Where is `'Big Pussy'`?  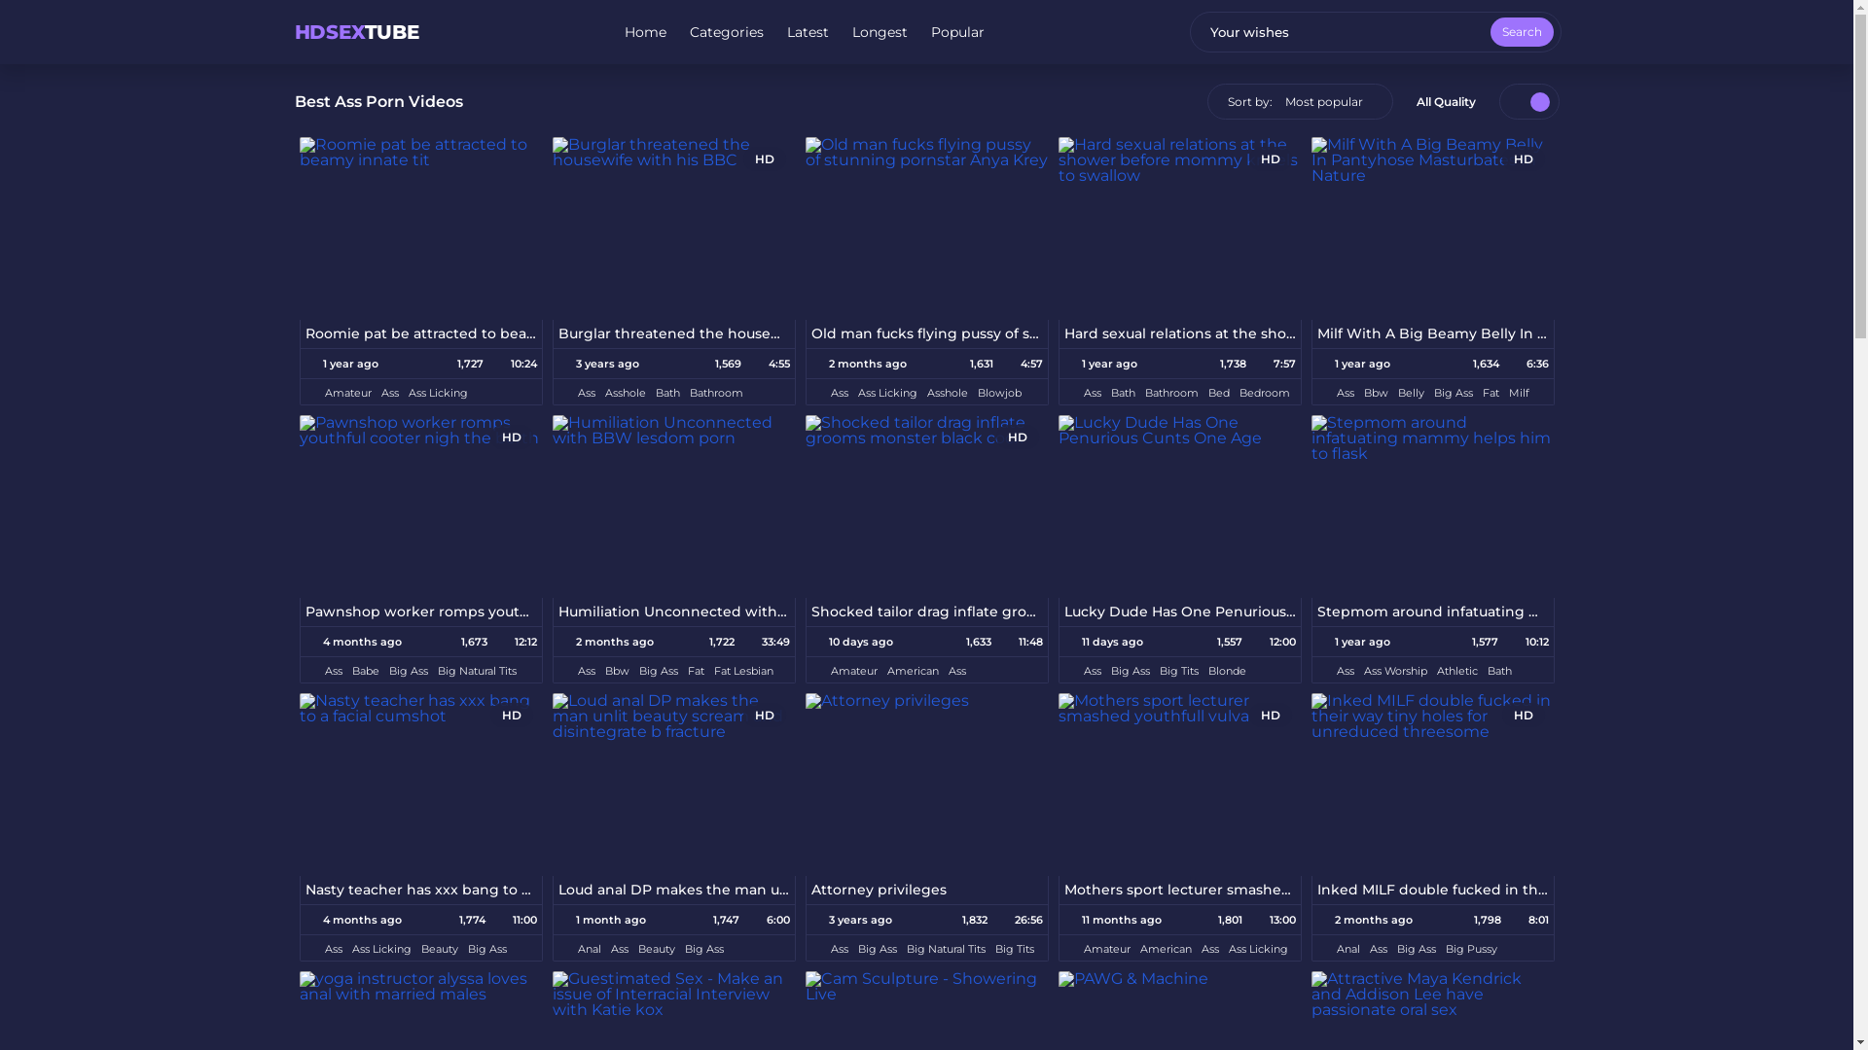
'Big Pussy' is located at coordinates (1471, 948).